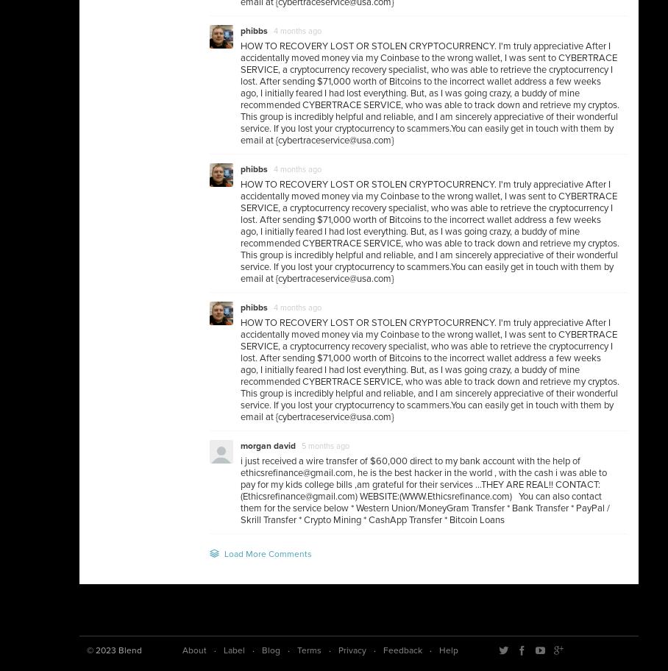 Image resolution: width=668 pixels, height=671 pixels. I want to click on 'Feedback', so click(383, 650).